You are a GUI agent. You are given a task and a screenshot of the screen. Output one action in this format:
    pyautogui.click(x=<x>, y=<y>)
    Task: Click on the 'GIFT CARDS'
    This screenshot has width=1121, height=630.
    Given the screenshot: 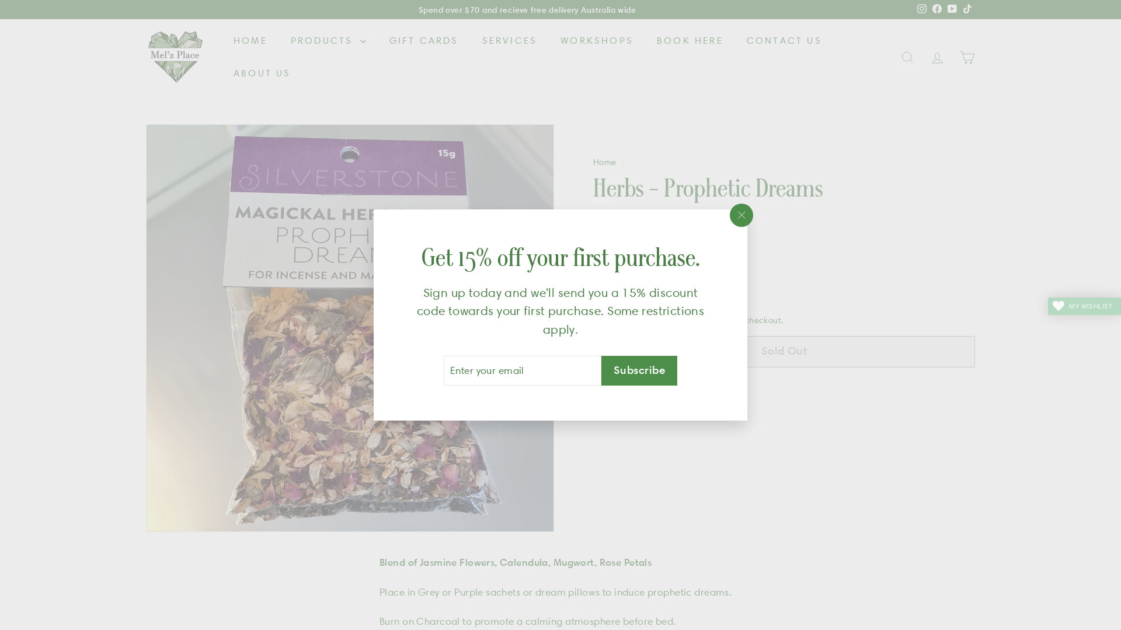 What is the action you would take?
    pyautogui.click(x=423, y=40)
    